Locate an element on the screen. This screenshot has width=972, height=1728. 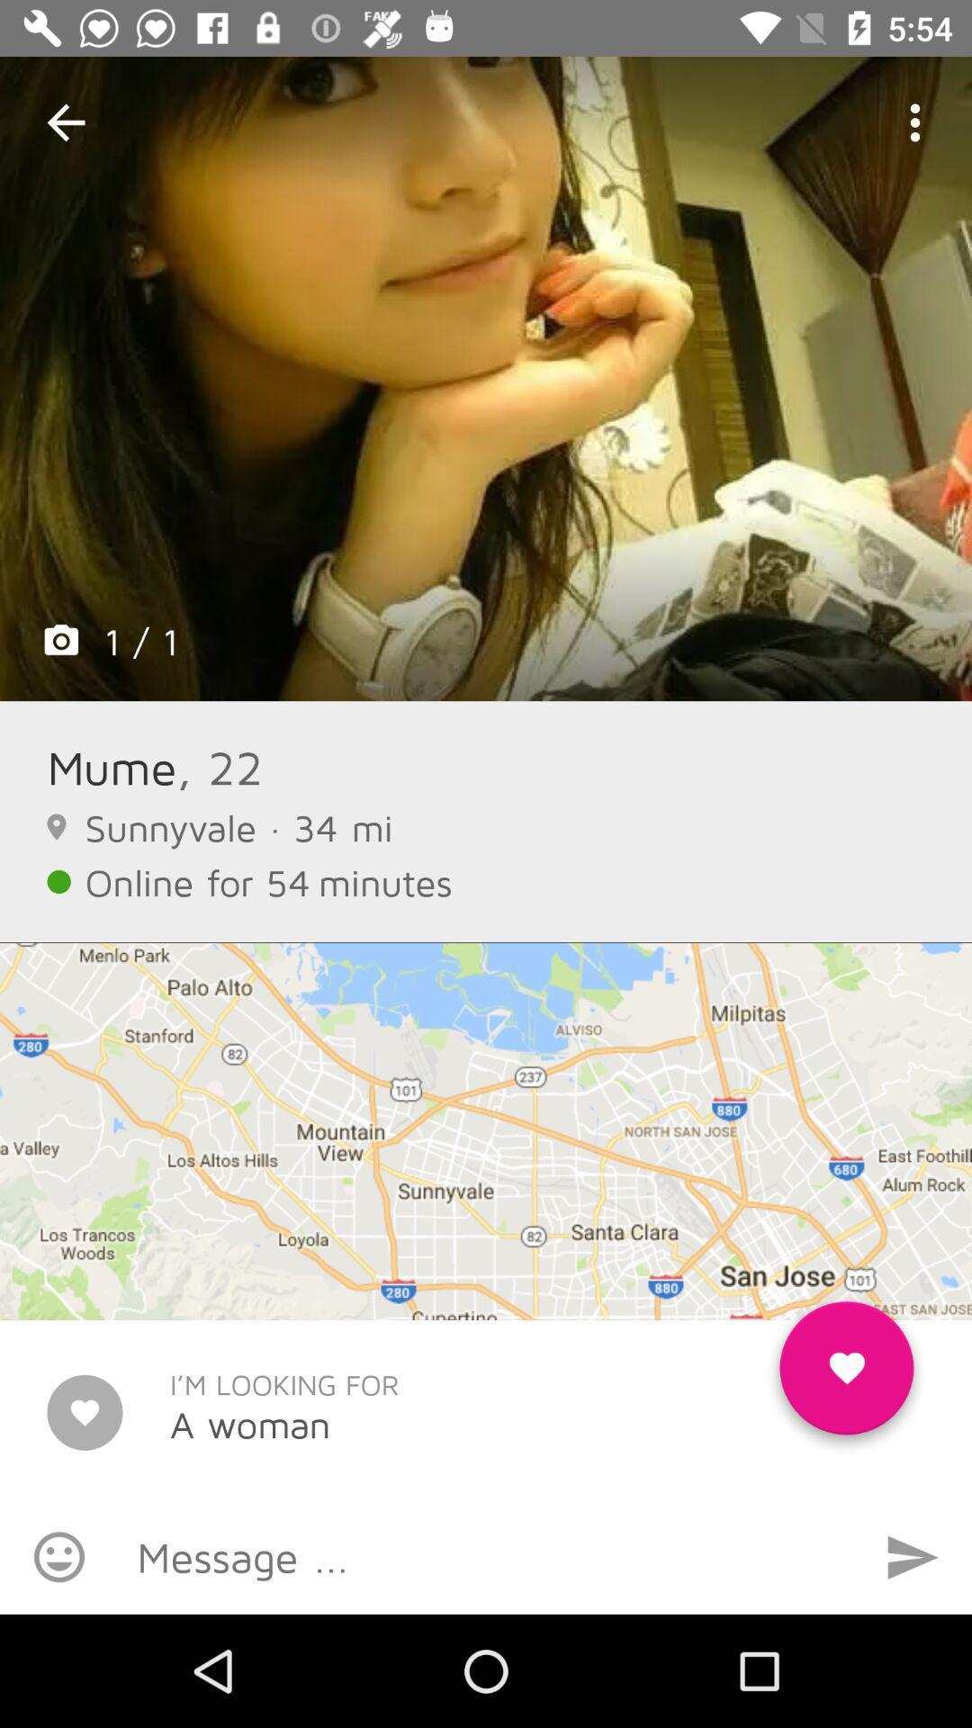
the item to the right of the i m looking is located at coordinates (846, 1374).